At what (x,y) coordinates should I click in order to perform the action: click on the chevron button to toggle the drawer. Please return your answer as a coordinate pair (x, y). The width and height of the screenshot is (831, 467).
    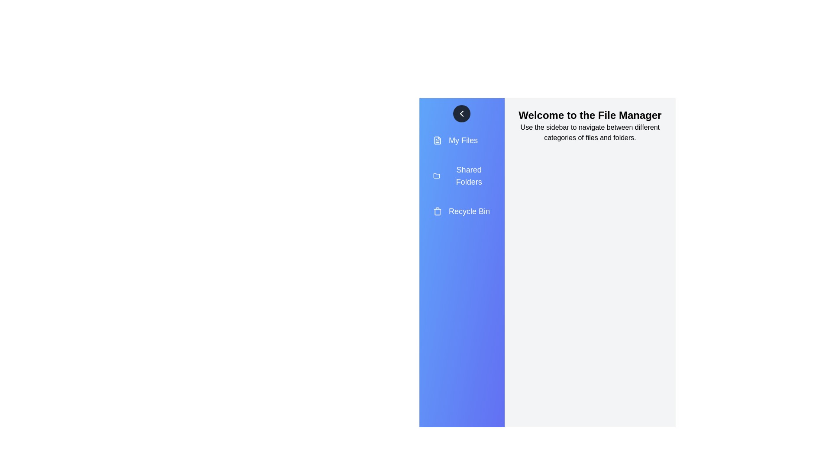
    Looking at the image, I should click on (461, 113).